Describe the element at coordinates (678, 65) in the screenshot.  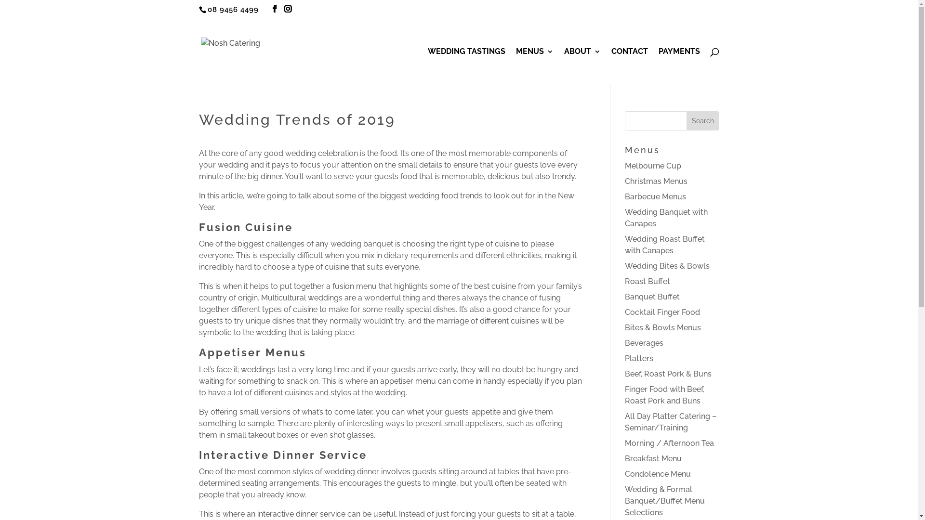
I see `'PAYMENTS'` at that location.